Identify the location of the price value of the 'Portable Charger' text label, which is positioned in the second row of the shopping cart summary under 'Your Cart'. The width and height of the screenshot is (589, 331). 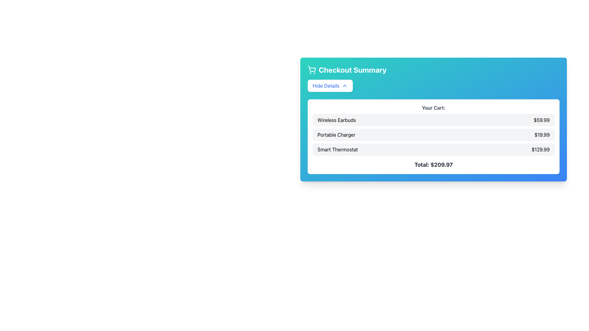
(542, 134).